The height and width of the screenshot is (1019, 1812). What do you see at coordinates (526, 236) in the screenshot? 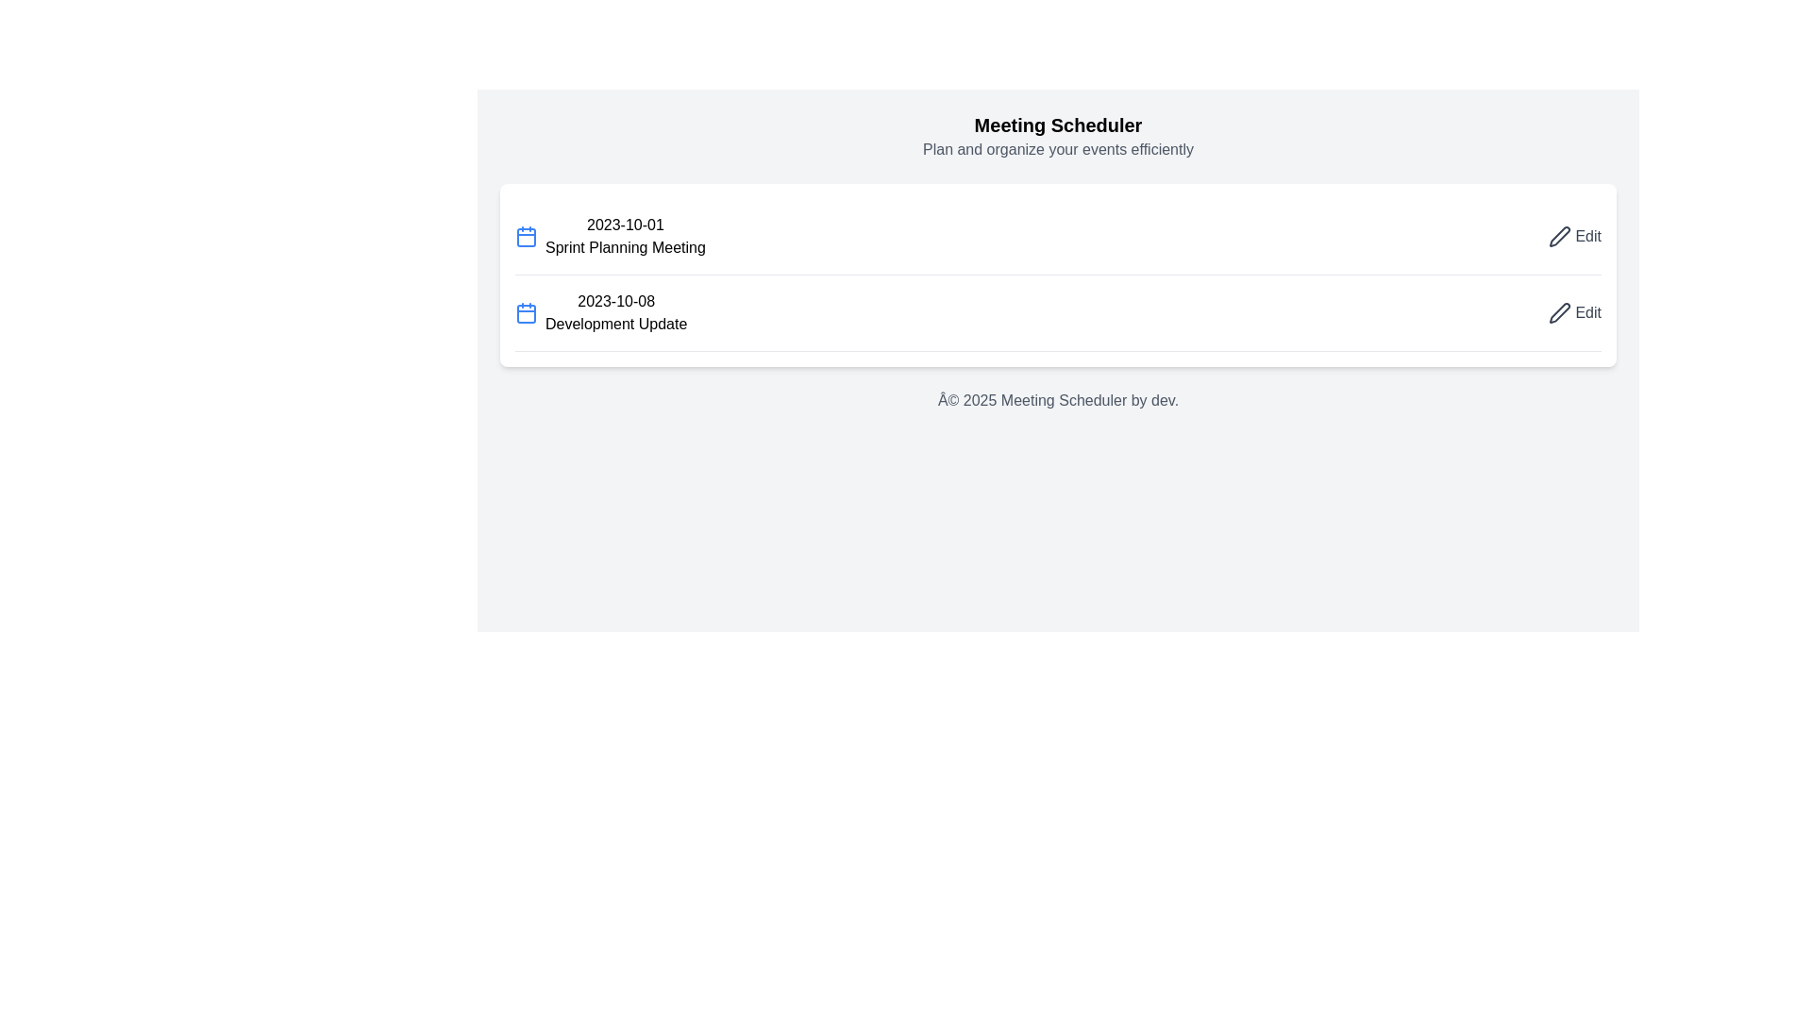
I see `the graphical component of the calendar icon located at the center of the icon in the first row, positioned to the left of the text '2023-10-01 Sprint Planning Meeting'` at bounding box center [526, 236].